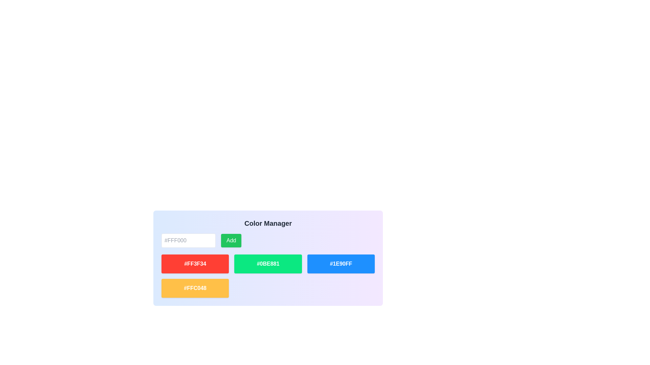  I want to click on the text label displaying the hexadecimal color code, which is located in the red rectangular area of the color list section, positioned first to the left of the green and blue blocks, so click(195, 263).